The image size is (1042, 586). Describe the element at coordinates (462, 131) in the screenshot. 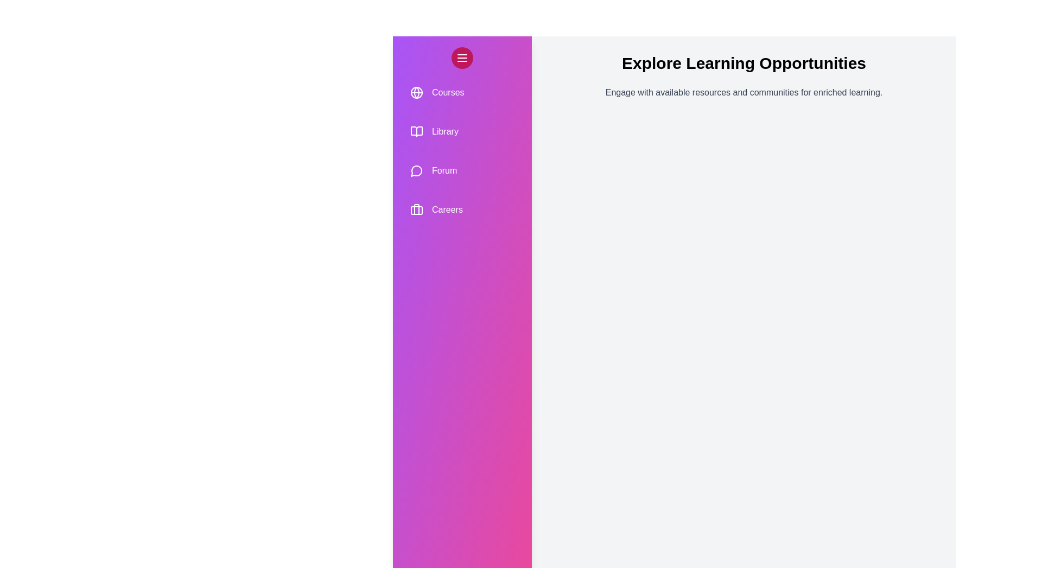

I see `the menu item labeled Library to navigate to its respective section` at that location.